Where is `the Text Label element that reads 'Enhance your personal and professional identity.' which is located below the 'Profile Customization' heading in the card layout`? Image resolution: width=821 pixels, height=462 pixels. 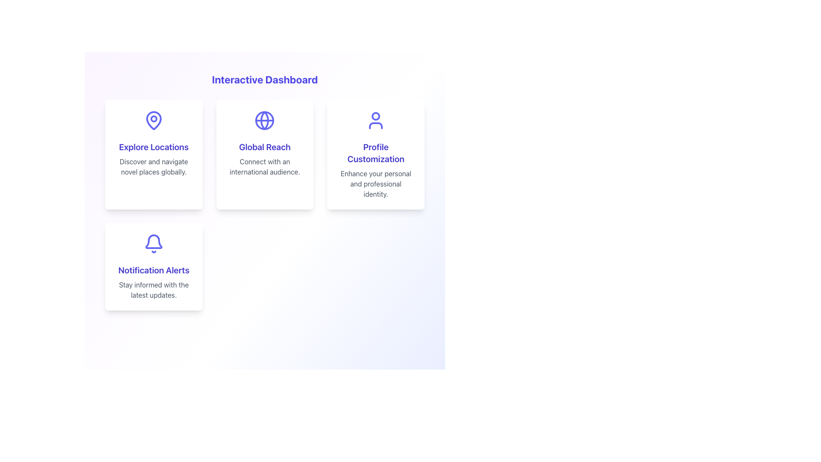 the Text Label element that reads 'Enhance your personal and professional identity.' which is located below the 'Profile Customization' heading in the card layout is located at coordinates (376, 183).